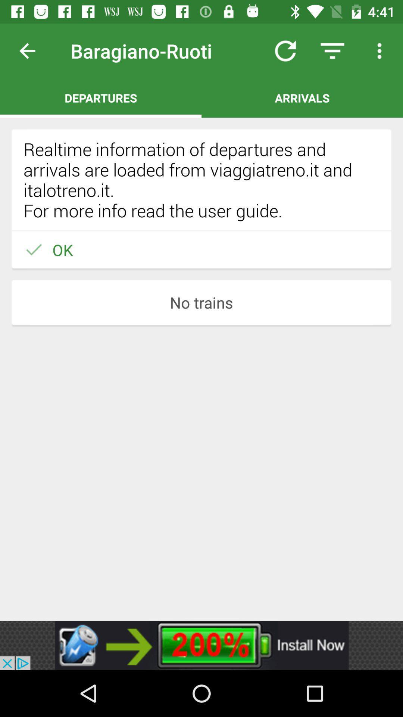  What do you see at coordinates (33, 50) in the screenshot?
I see `good` at bounding box center [33, 50].